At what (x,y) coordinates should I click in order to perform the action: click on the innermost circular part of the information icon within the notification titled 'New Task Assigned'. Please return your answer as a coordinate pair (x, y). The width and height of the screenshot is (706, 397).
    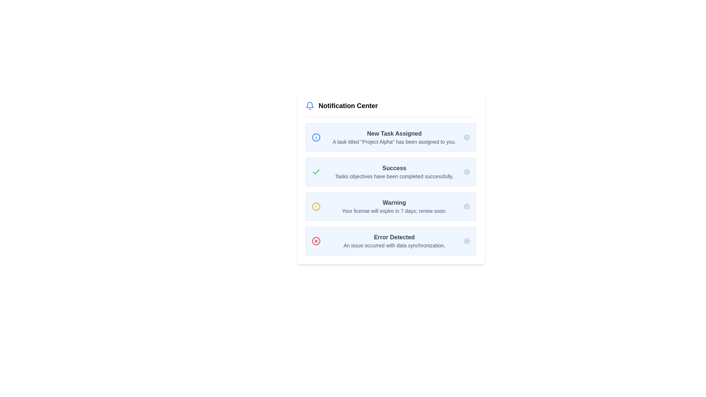
    Looking at the image, I should click on (316, 137).